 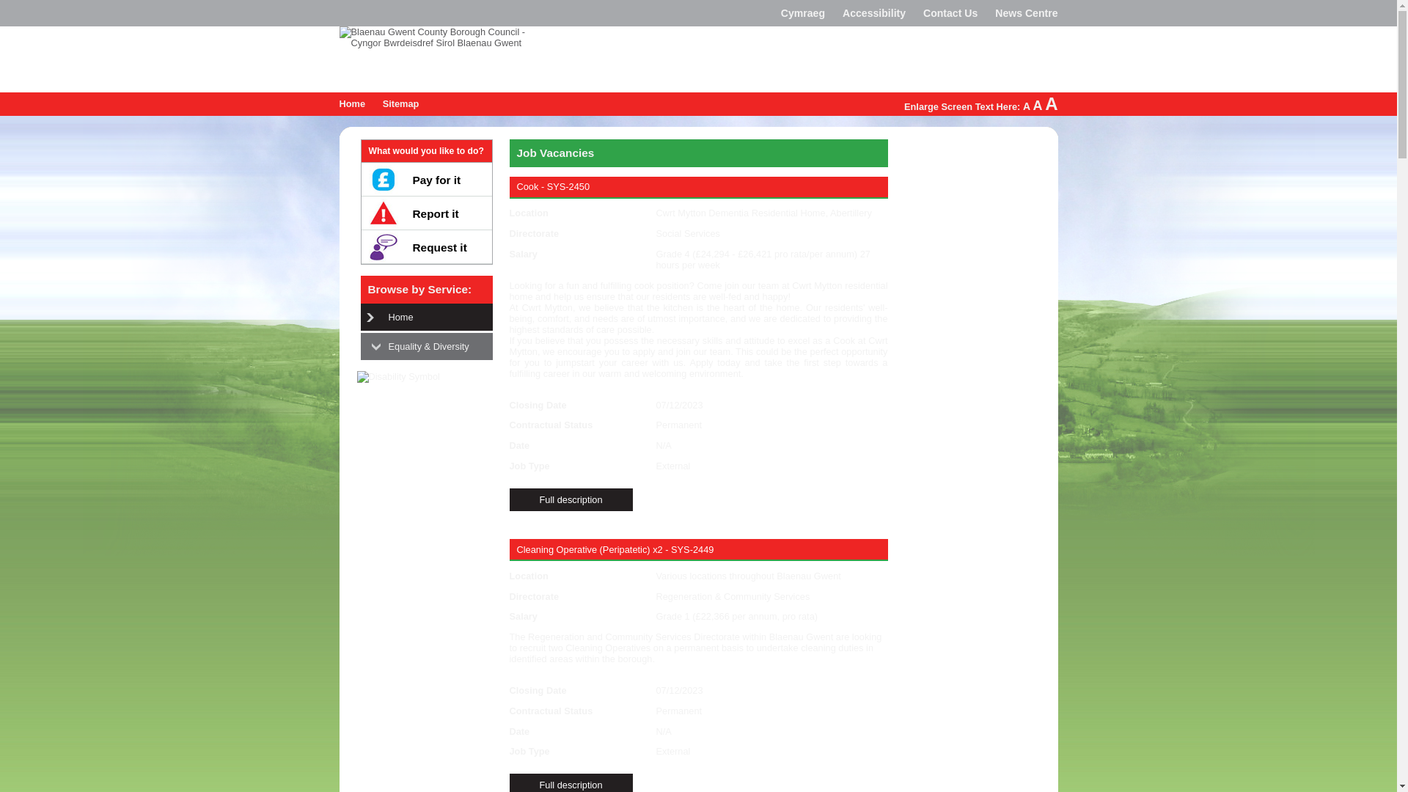 I want to click on 'News Centre', so click(x=1025, y=13).